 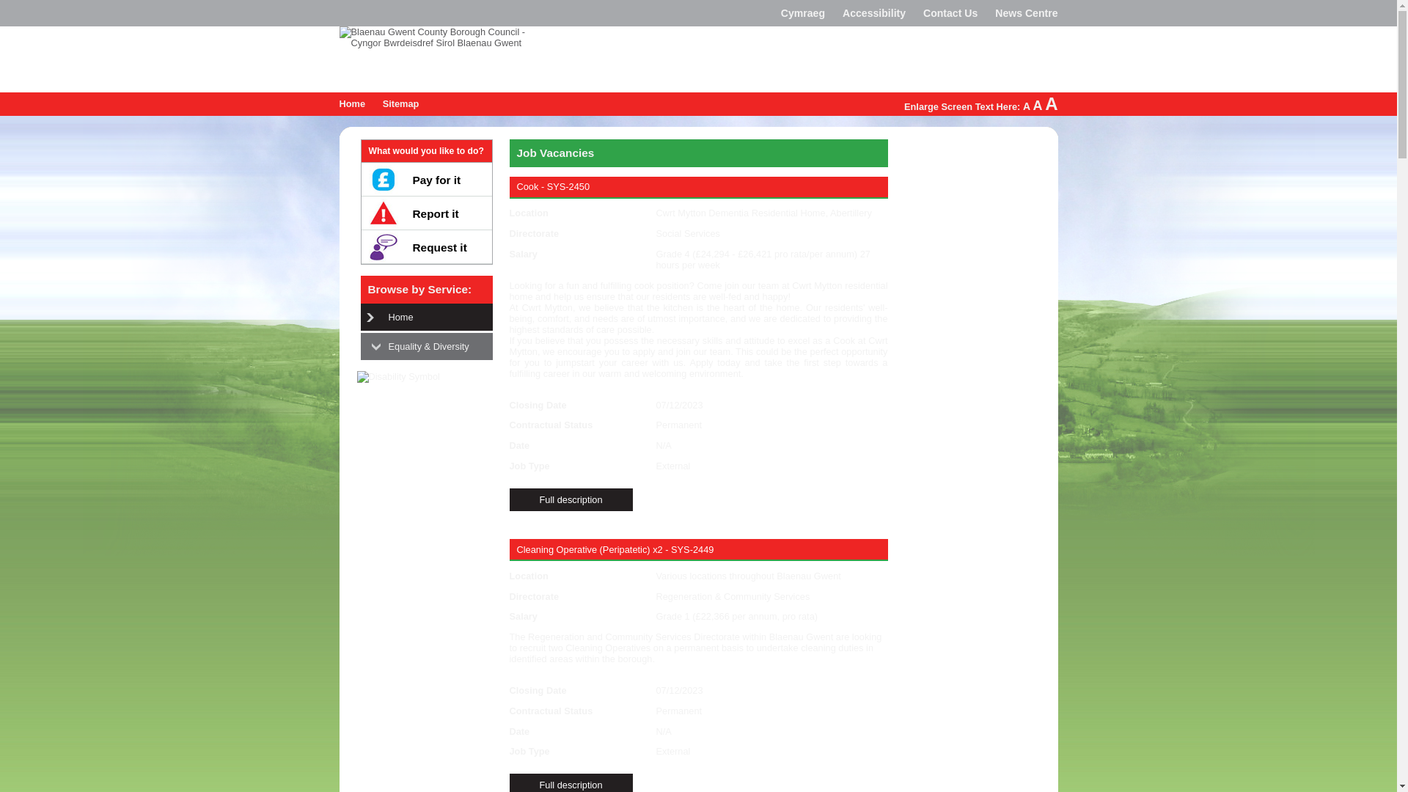 I want to click on 'News Centre', so click(x=1025, y=13).